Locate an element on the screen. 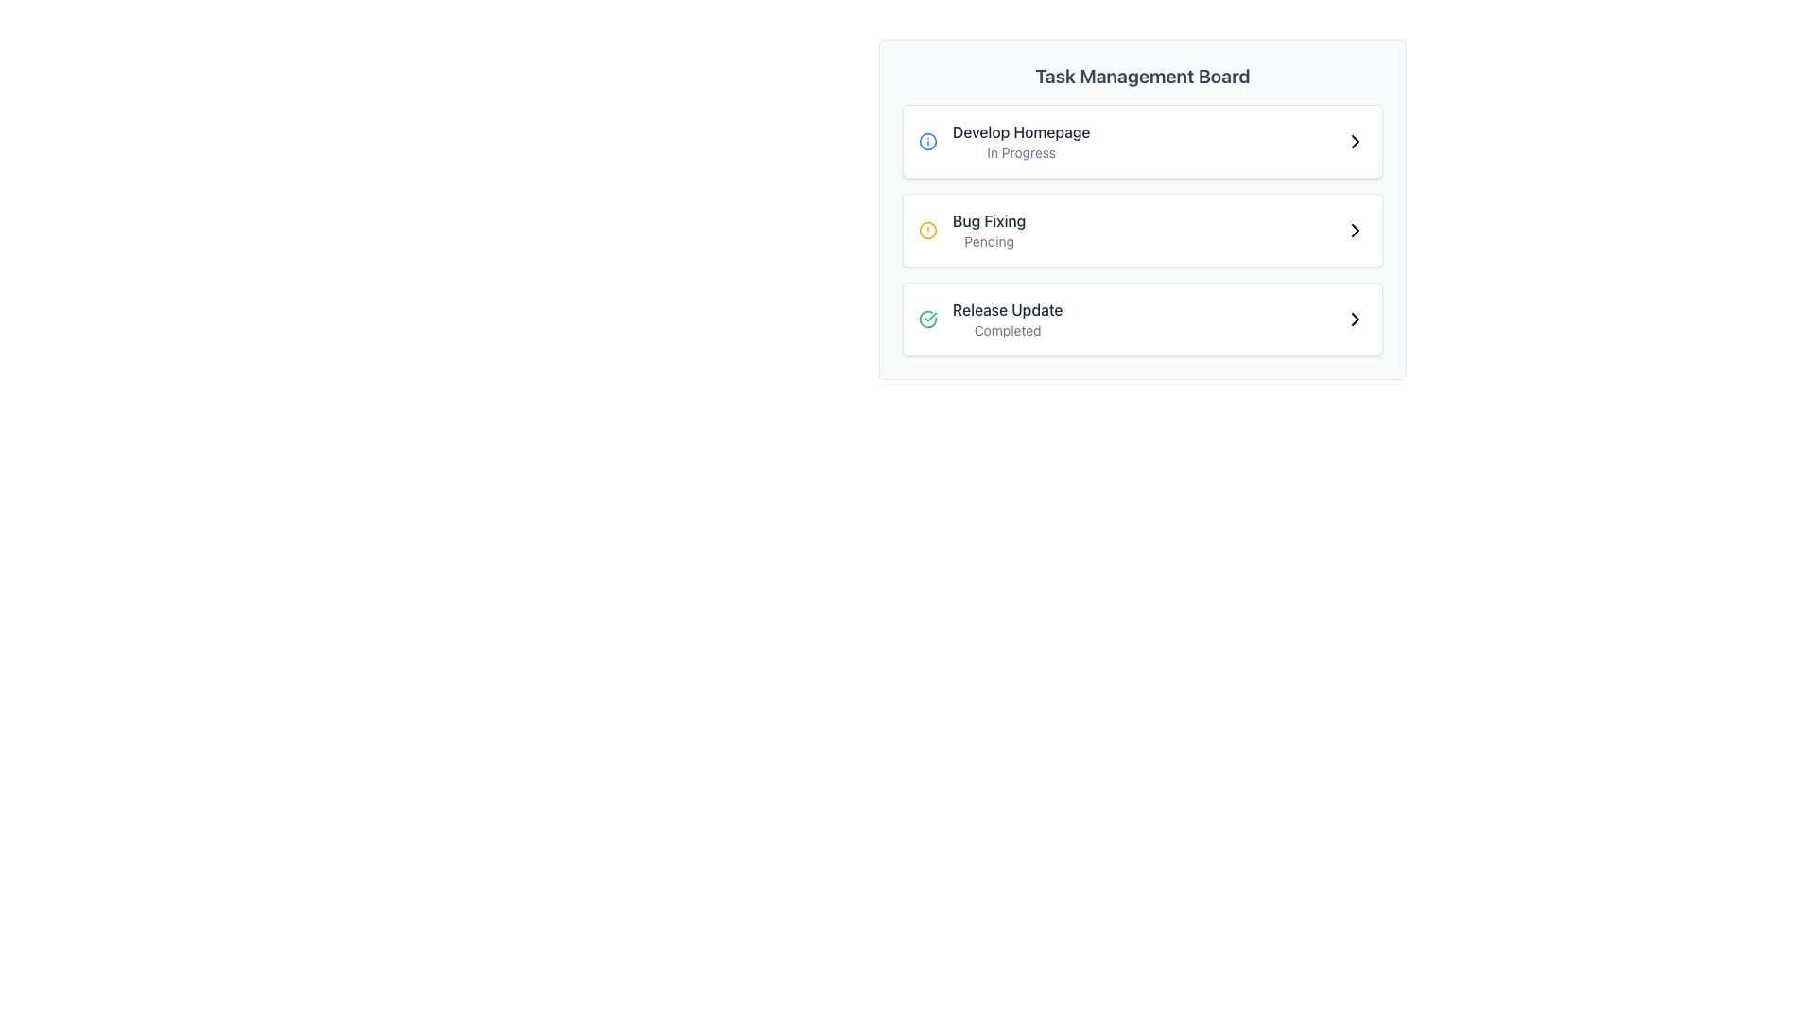 This screenshot has height=1021, width=1815. the title of the task entry labeled 'Develop Homepage' in the 'Task Management Board' is located at coordinates (1003, 141).